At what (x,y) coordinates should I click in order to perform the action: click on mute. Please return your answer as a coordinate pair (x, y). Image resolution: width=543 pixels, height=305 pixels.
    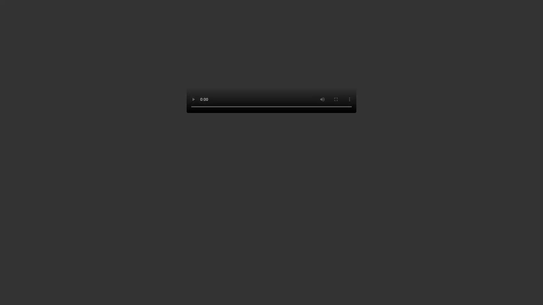
    Looking at the image, I should click on (322, 99).